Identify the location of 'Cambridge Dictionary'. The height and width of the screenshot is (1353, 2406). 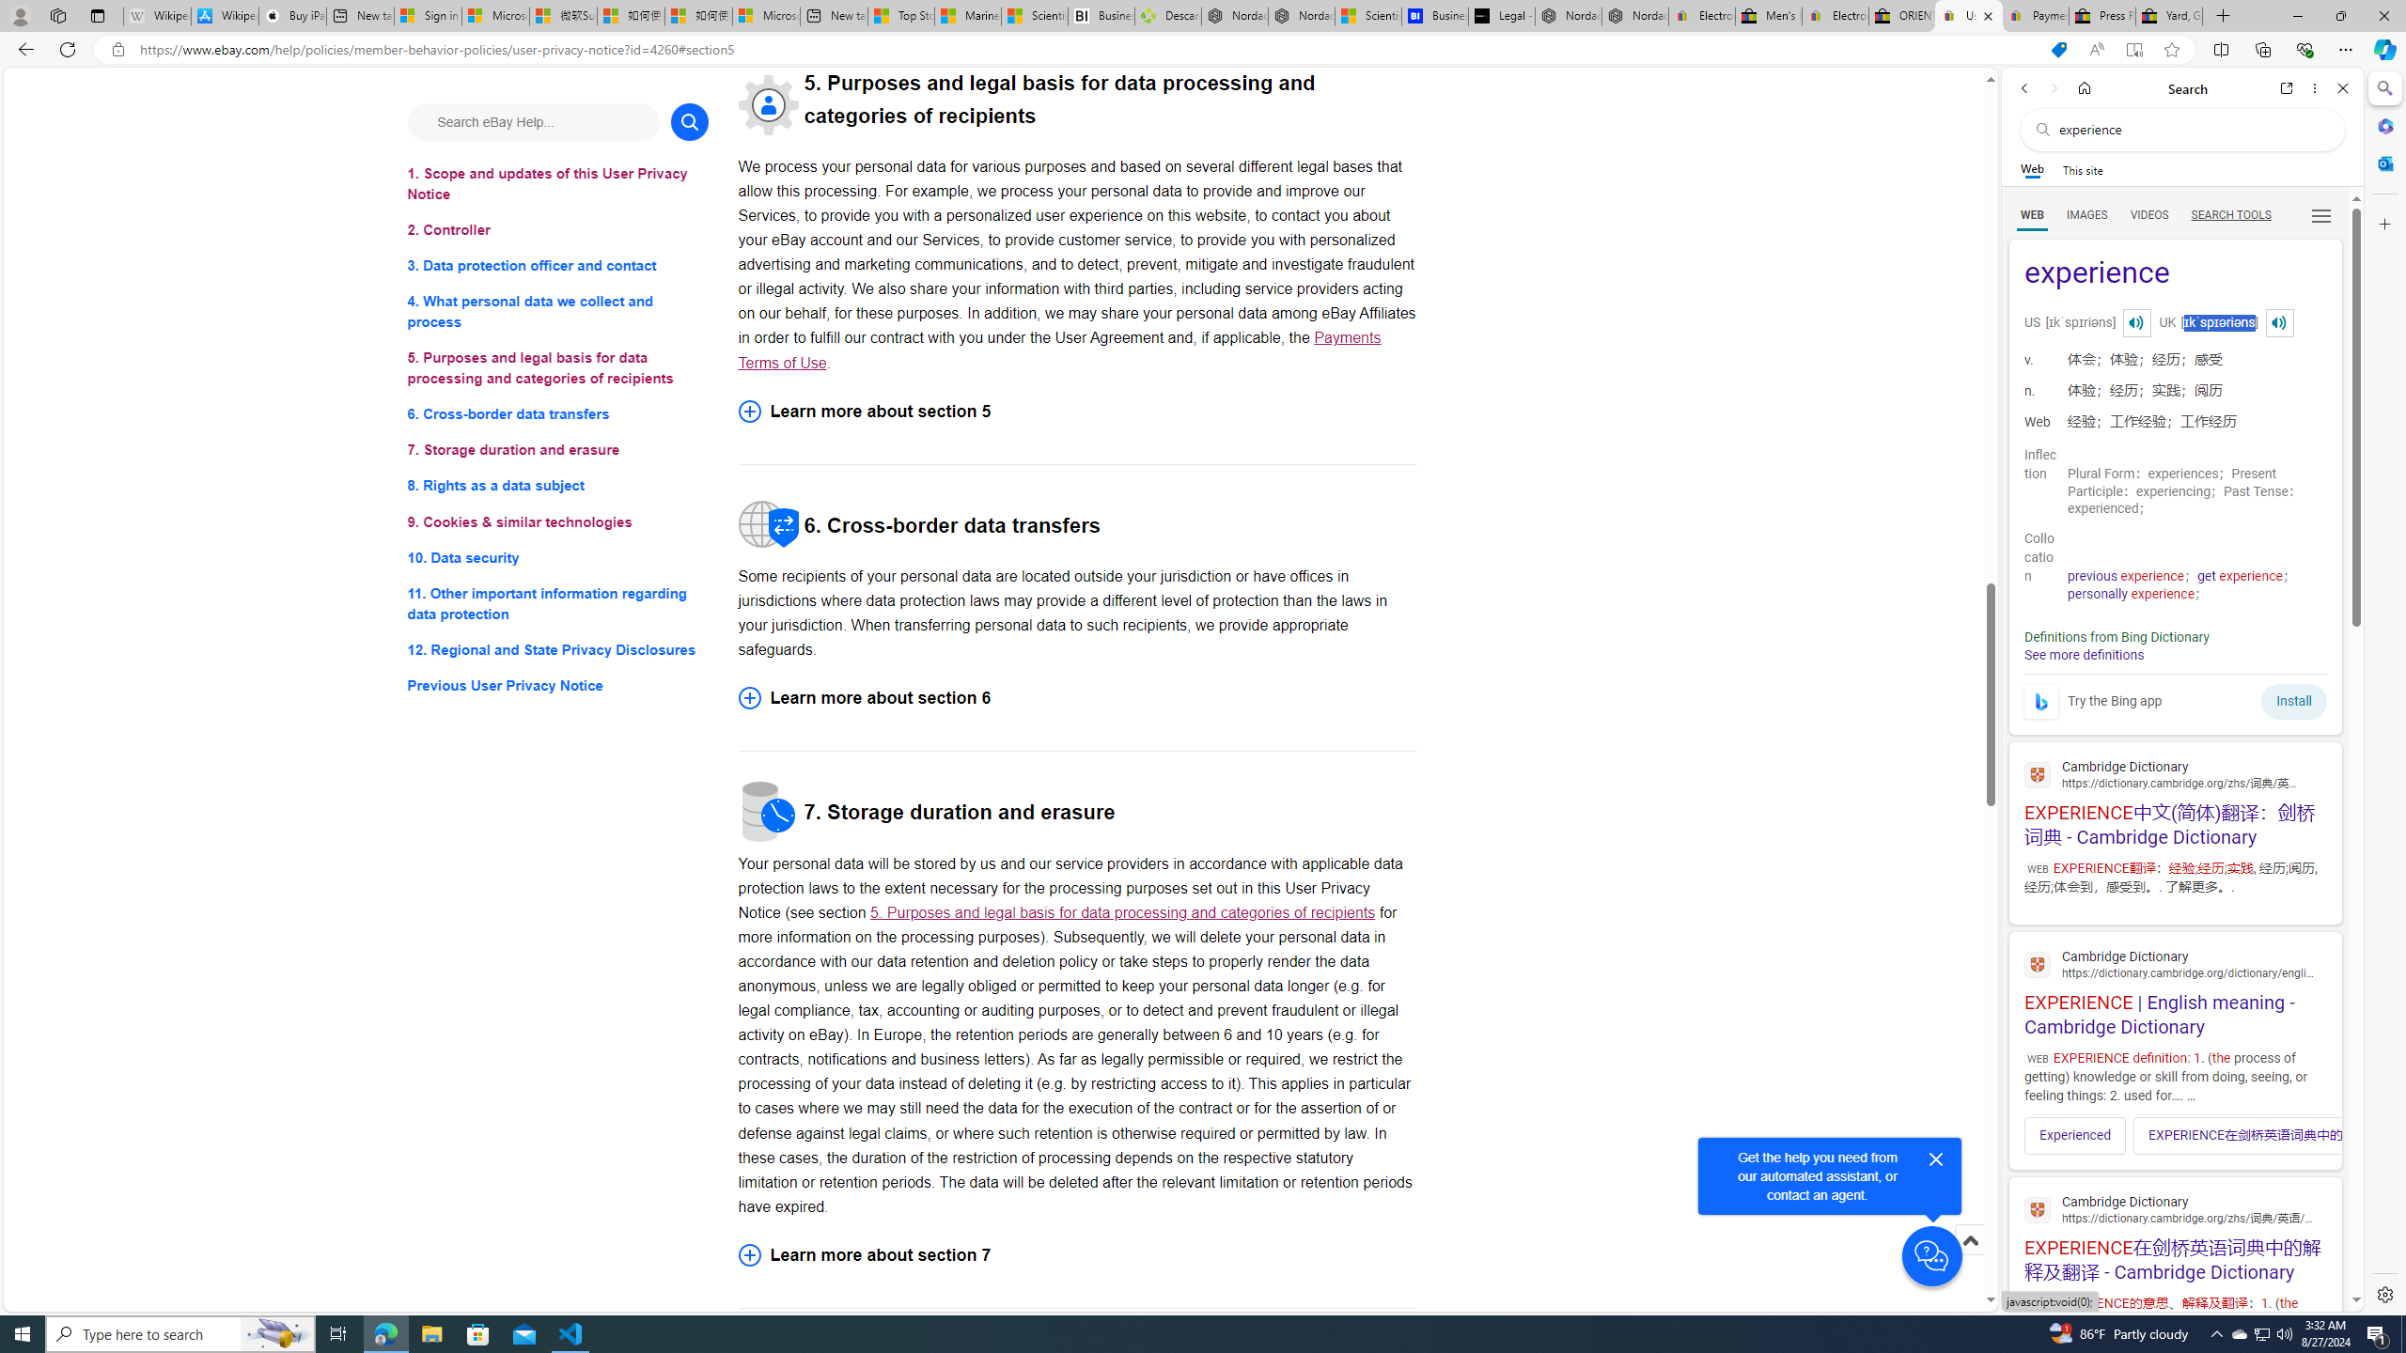
(2175, 1208).